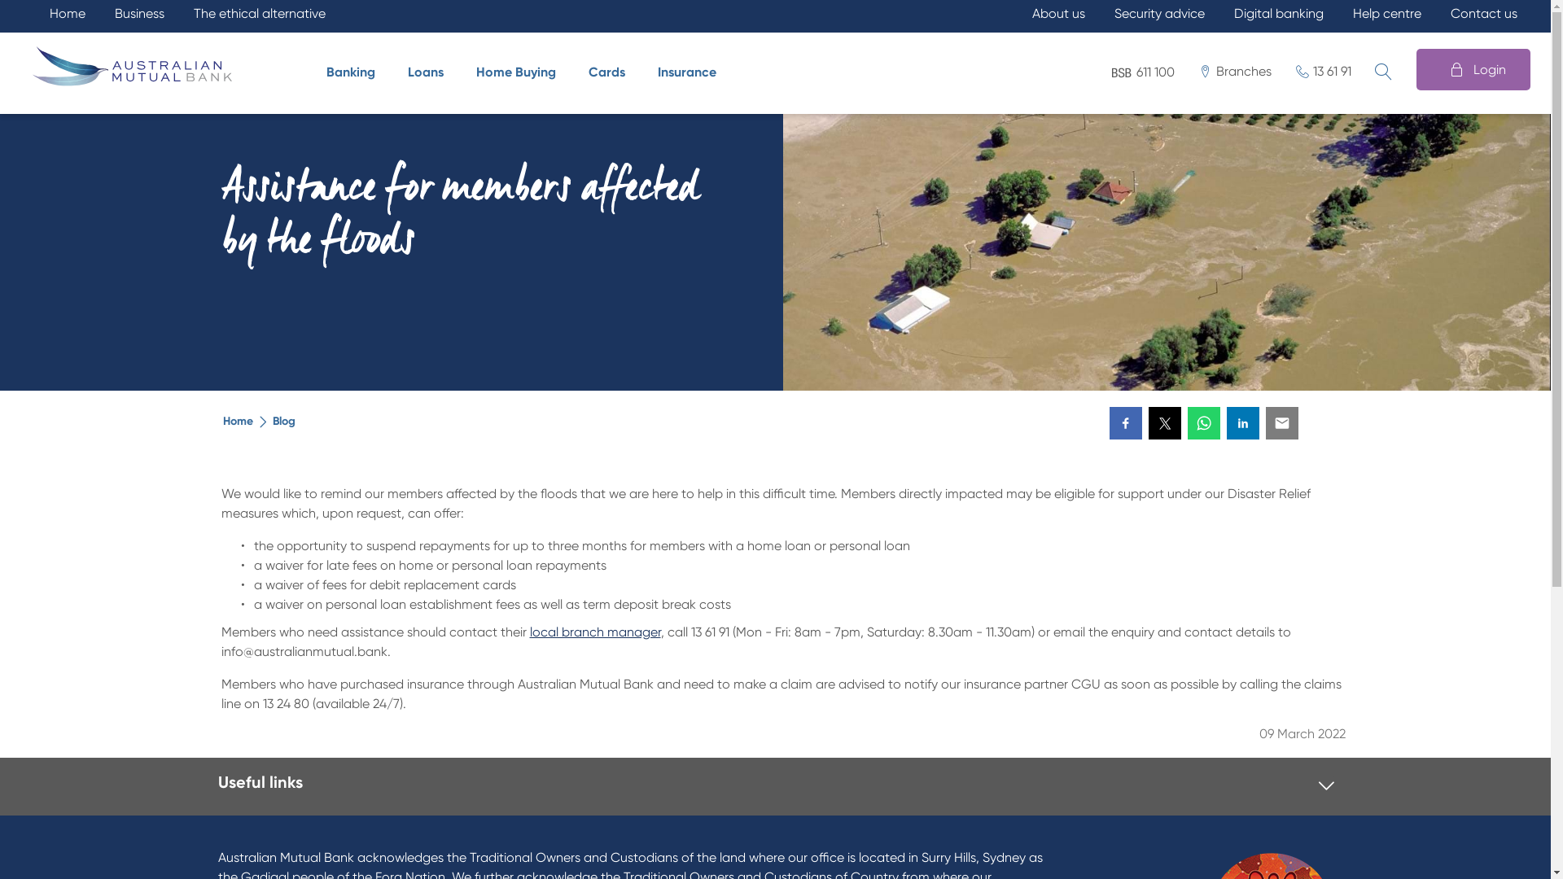 This screenshot has width=1563, height=879. I want to click on '13 61 91', so click(1324, 70).